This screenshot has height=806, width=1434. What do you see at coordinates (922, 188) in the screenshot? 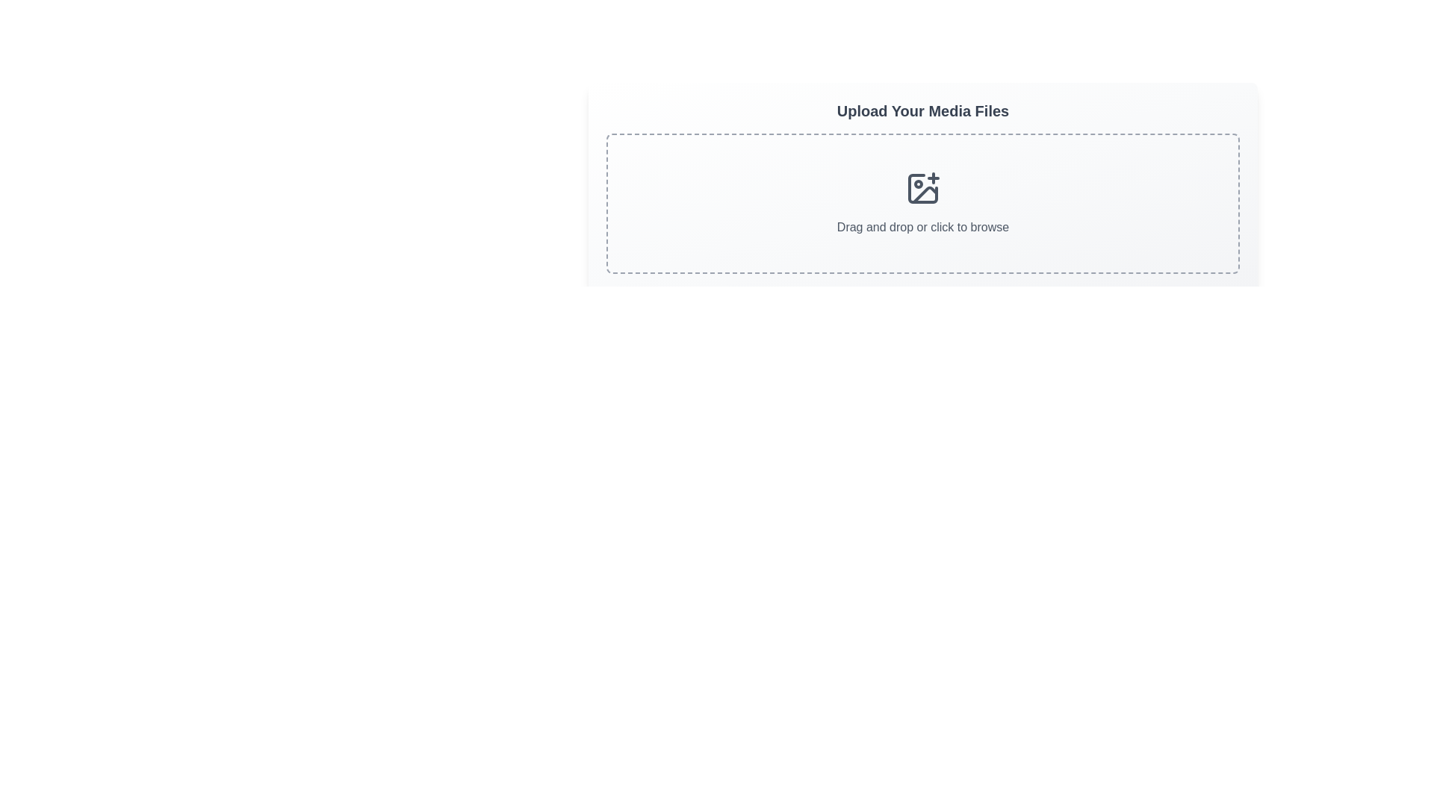
I see `the file upload icon, which features a '+' symbol in the top right corner, to initiate the file upload process` at bounding box center [922, 188].